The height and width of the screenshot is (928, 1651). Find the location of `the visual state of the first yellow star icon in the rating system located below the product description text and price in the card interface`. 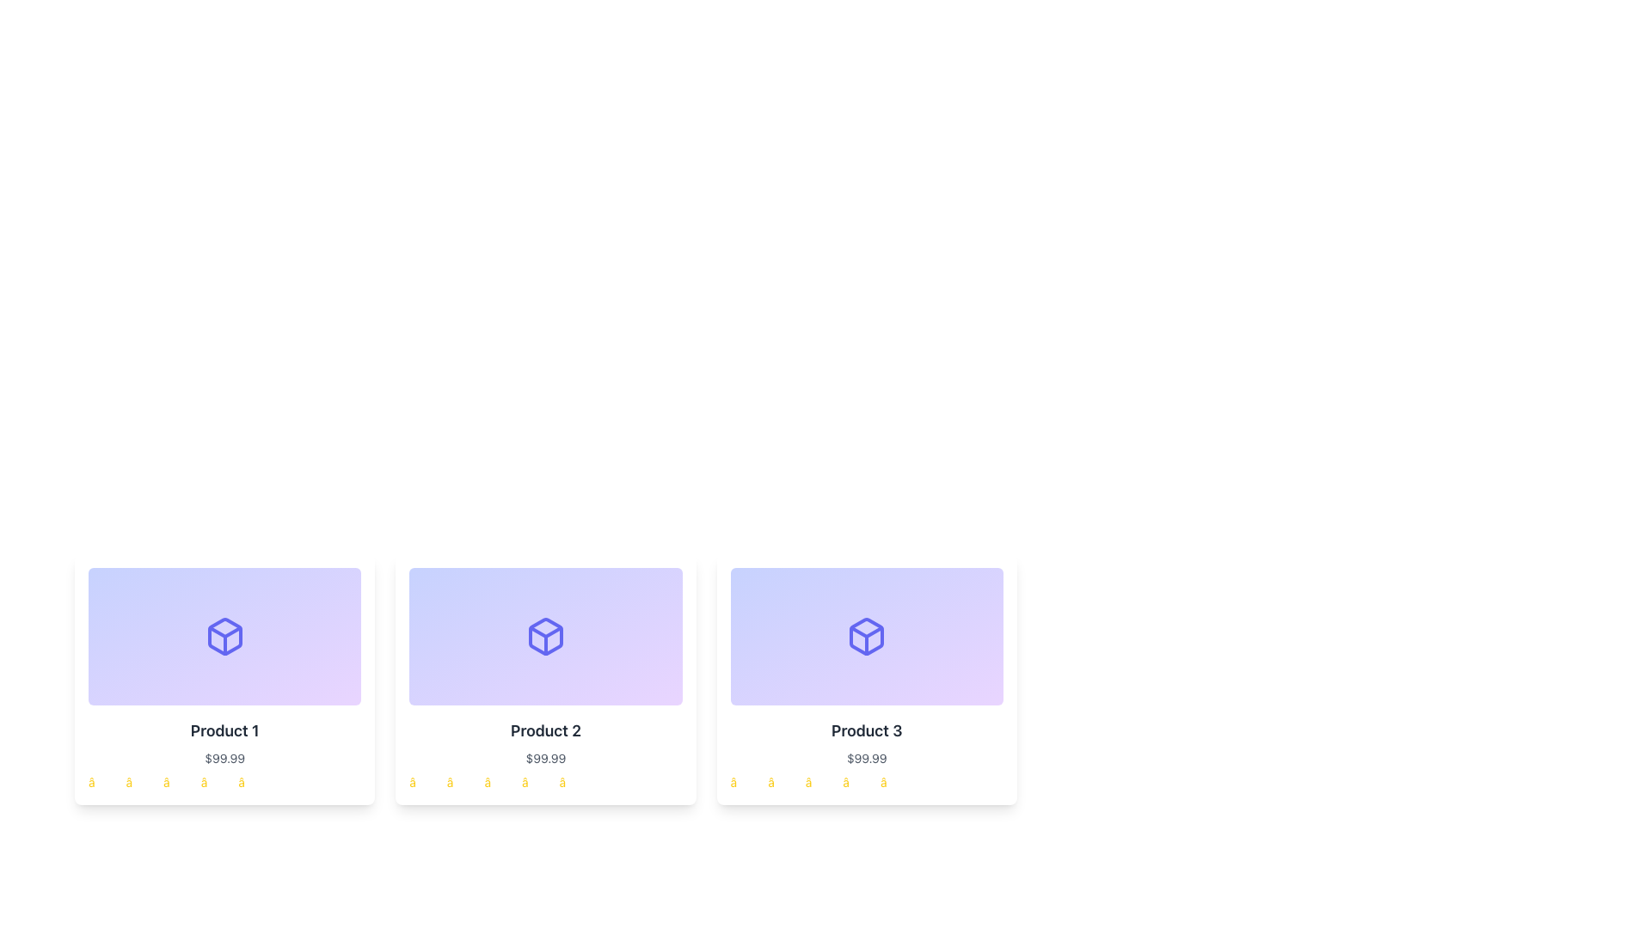

the visual state of the first yellow star icon in the rating system located below the product description text and price in the card interface is located at coordinates (102, 782).